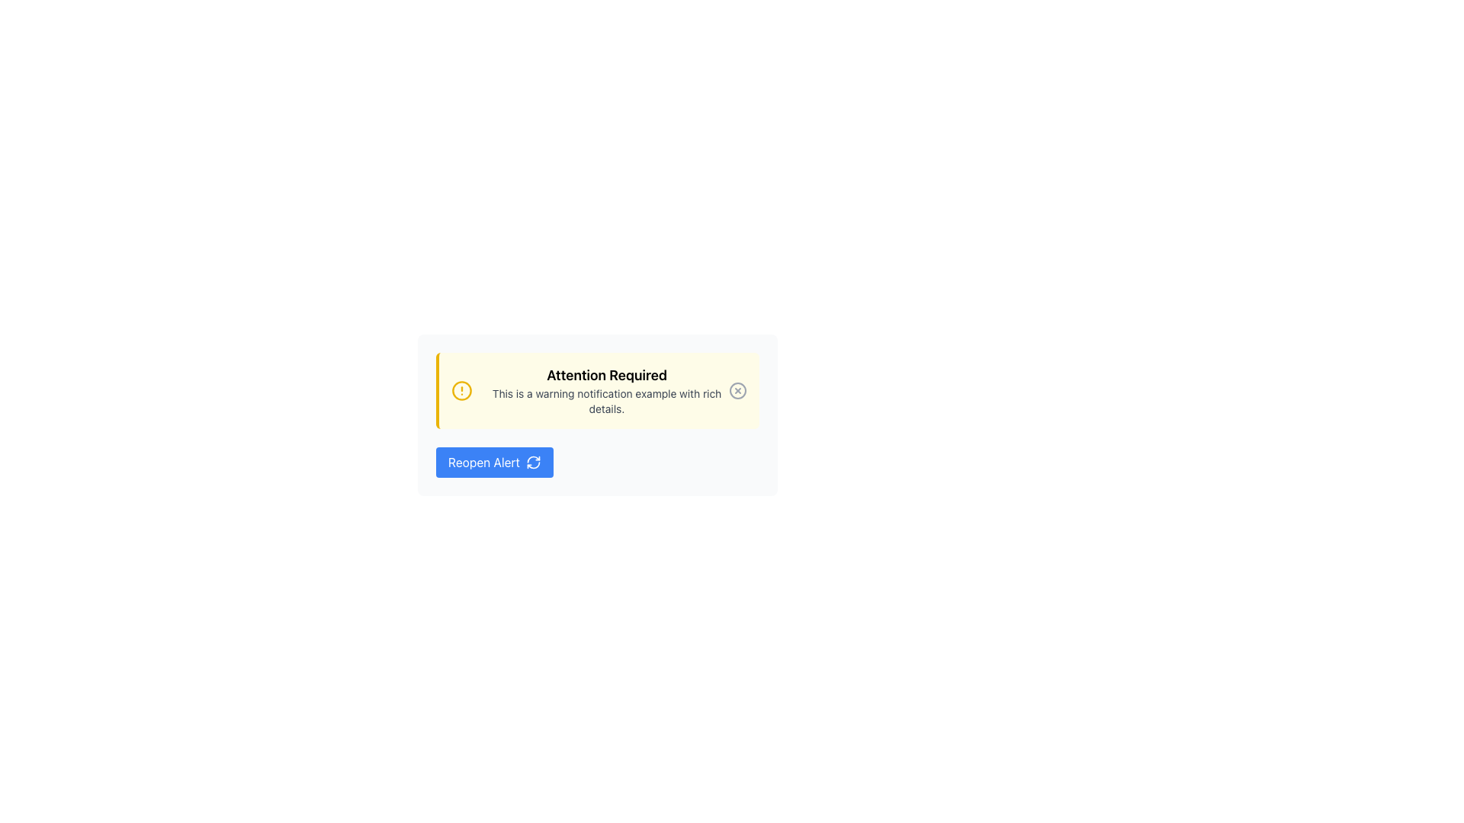  I want to click on the supporting text element located below the title 'Attention Required' in the notification card, so click(606, 401).